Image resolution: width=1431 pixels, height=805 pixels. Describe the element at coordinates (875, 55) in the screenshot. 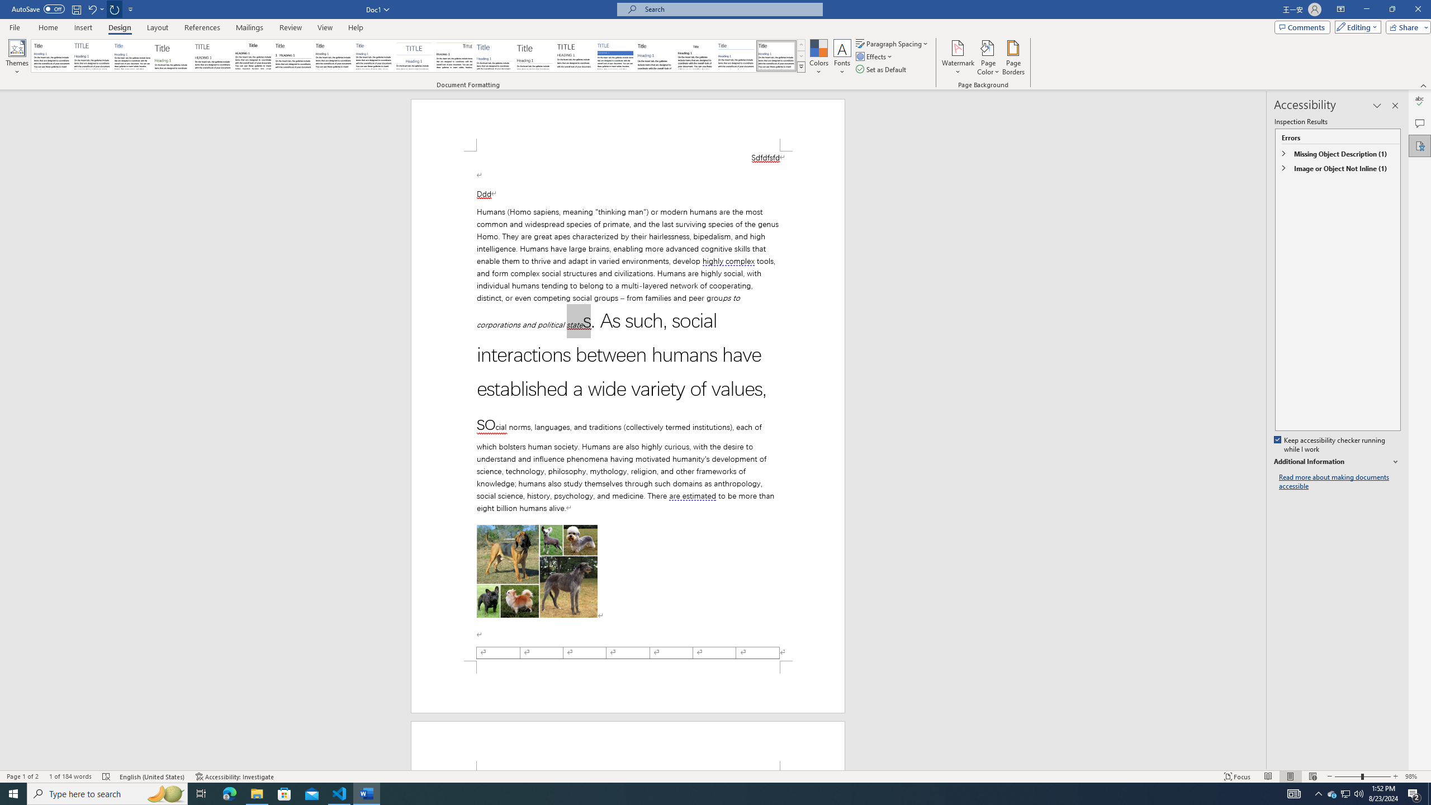

I see `'Effects'` at that location.